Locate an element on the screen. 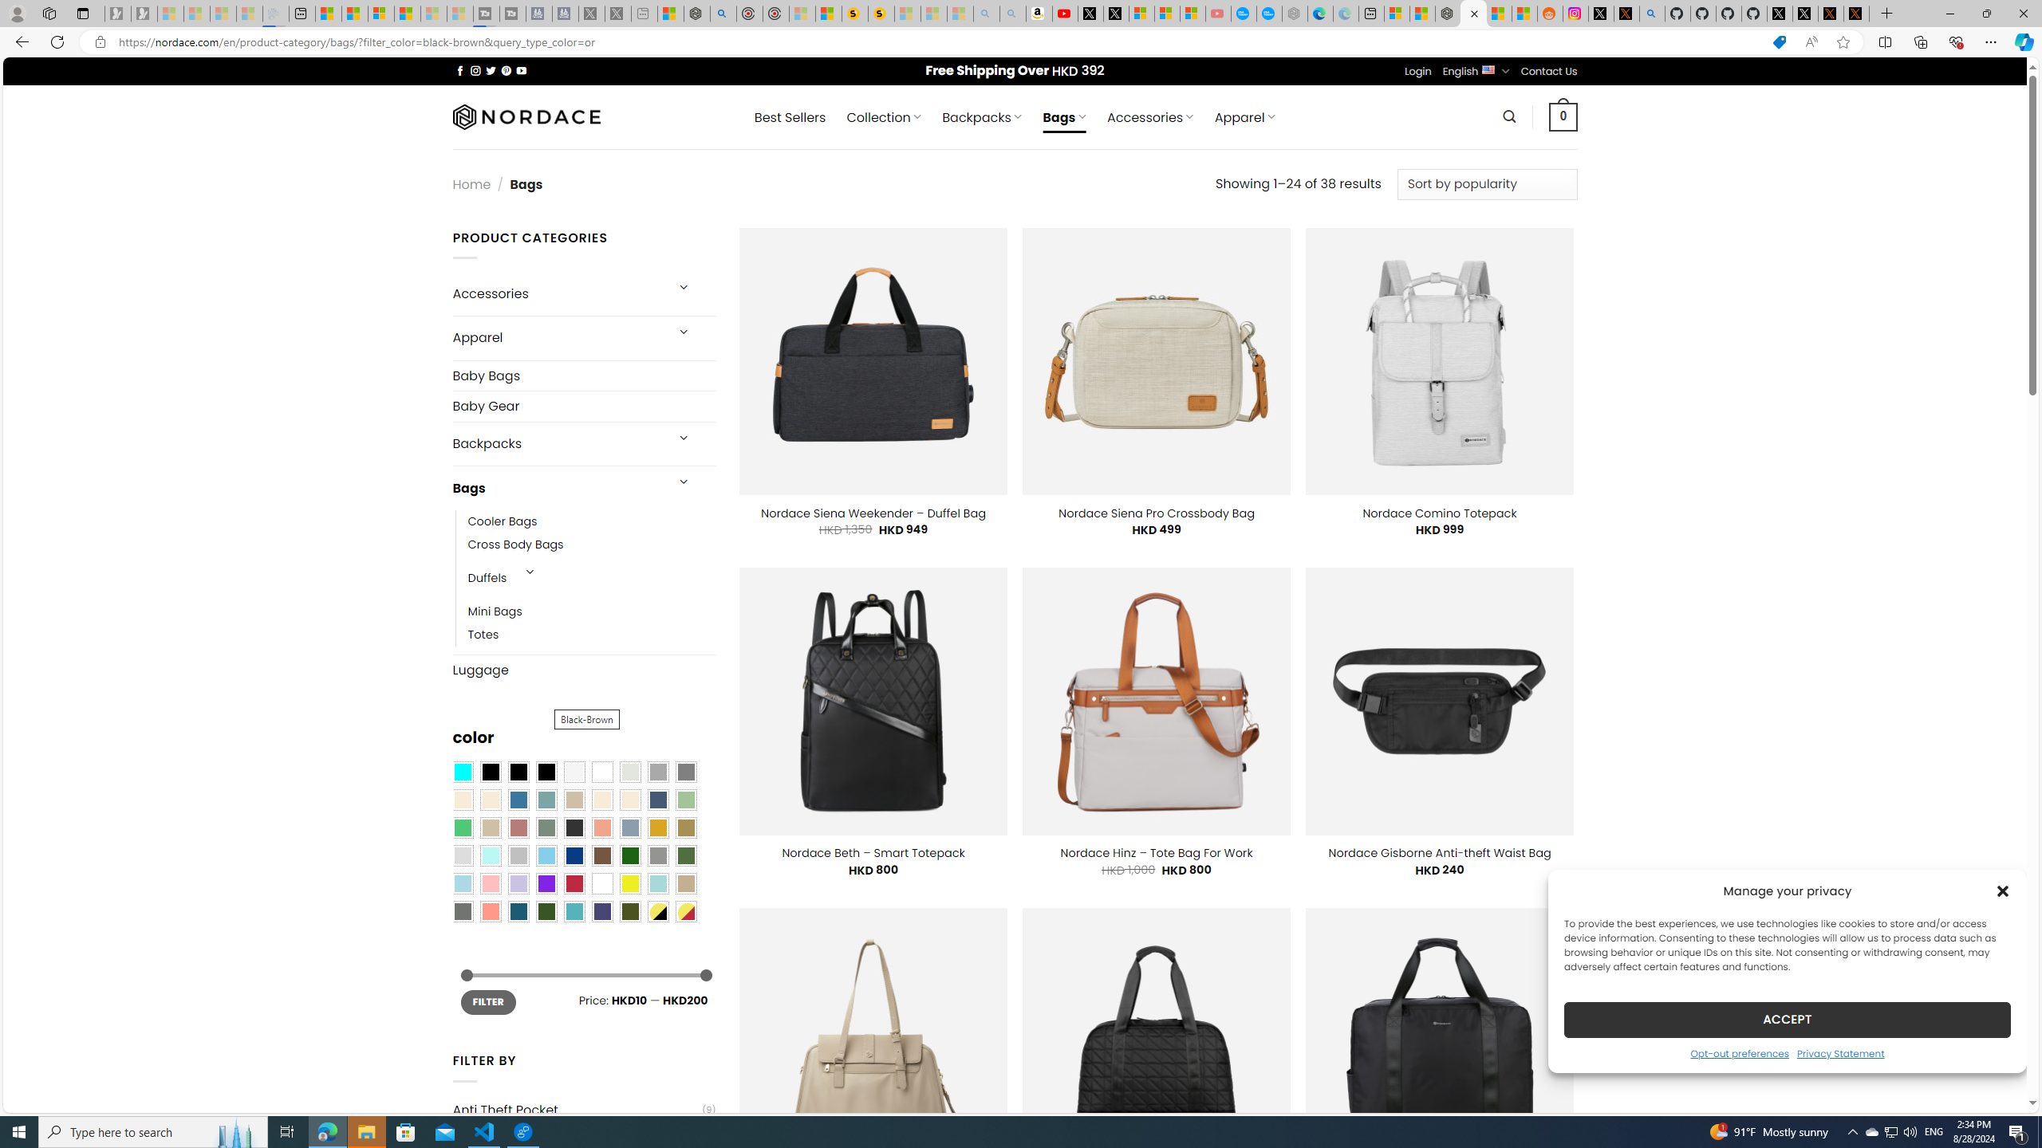 This screenshot has width=2042, height=1148. 'Rose' is located at coordinates (518, 827).